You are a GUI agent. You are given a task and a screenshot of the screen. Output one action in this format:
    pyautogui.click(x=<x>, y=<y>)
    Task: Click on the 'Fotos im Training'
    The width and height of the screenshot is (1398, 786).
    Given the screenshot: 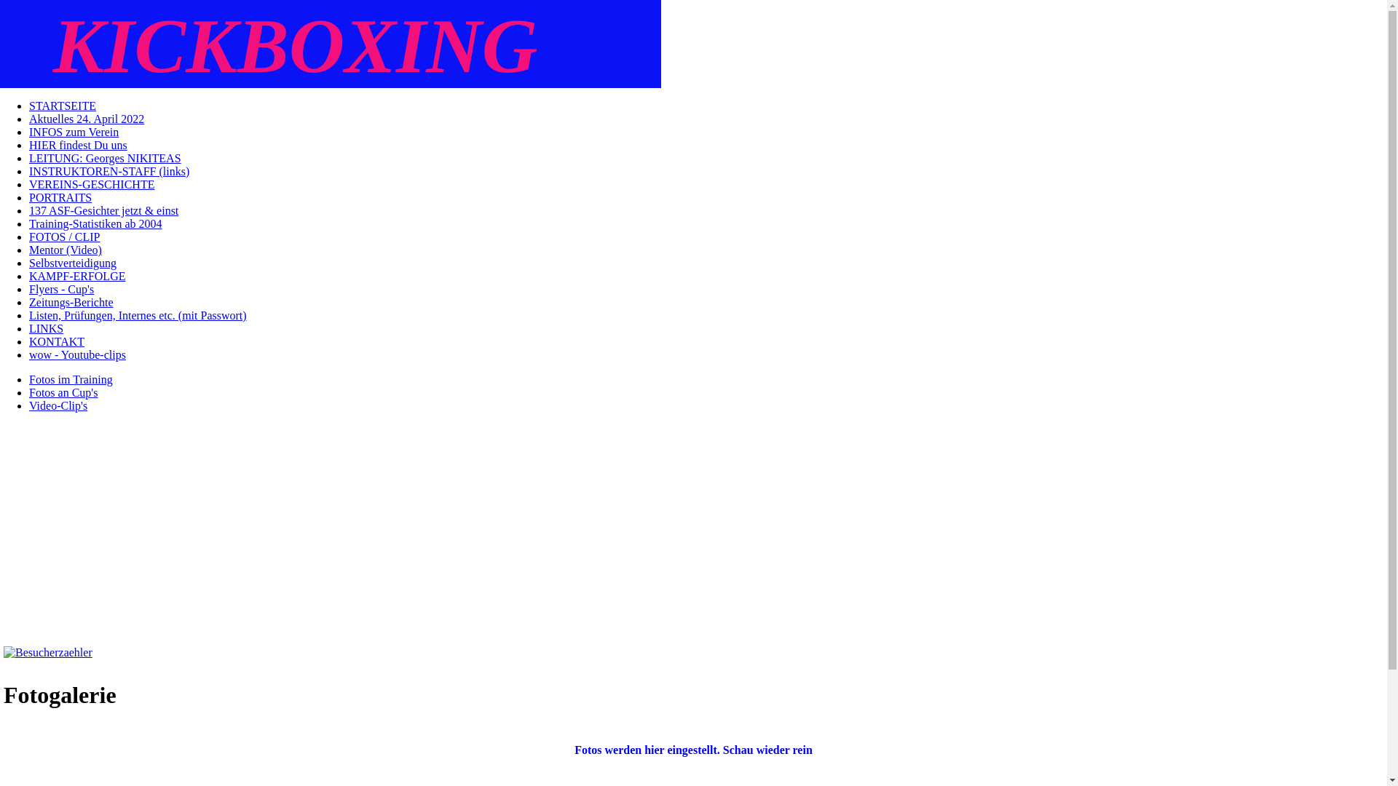 What is the action you would take?
    pyautogui.click(x=70, y=378)
    